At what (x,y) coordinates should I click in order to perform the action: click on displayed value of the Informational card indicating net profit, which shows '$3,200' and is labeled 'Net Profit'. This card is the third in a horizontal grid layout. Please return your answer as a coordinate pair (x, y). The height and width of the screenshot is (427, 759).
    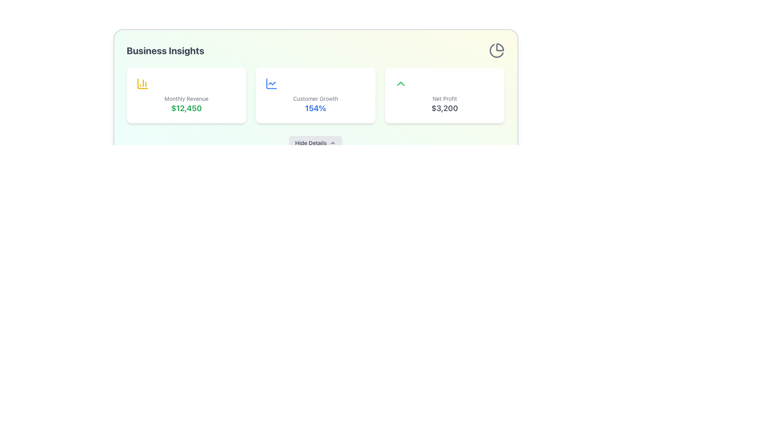
    Looking at the image, I should click on (445, 95).